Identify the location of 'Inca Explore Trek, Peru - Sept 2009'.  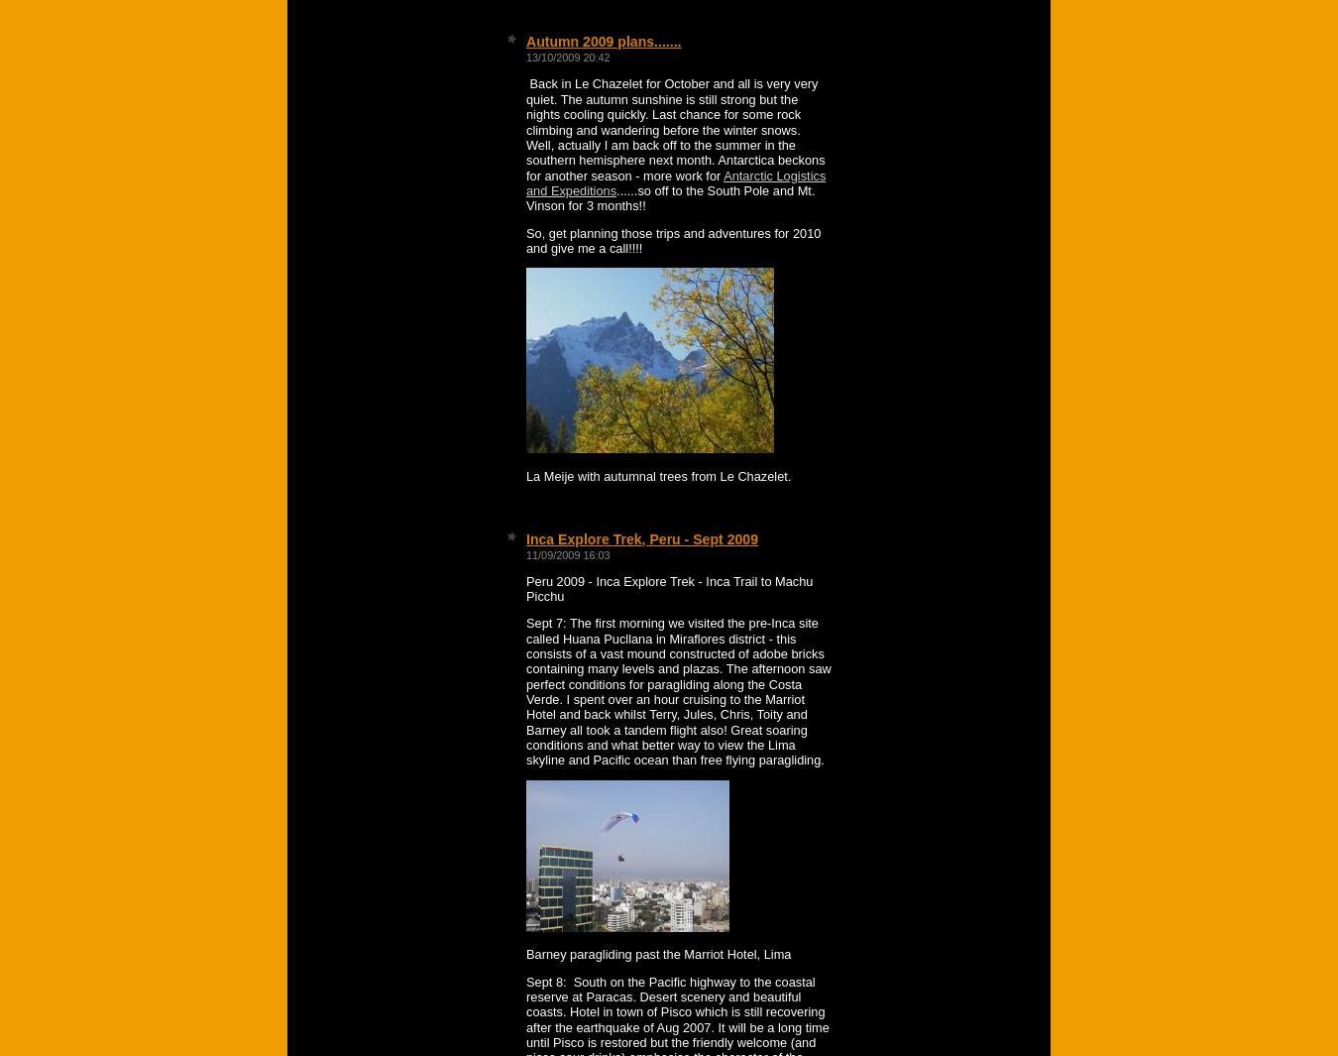
(641, 538).